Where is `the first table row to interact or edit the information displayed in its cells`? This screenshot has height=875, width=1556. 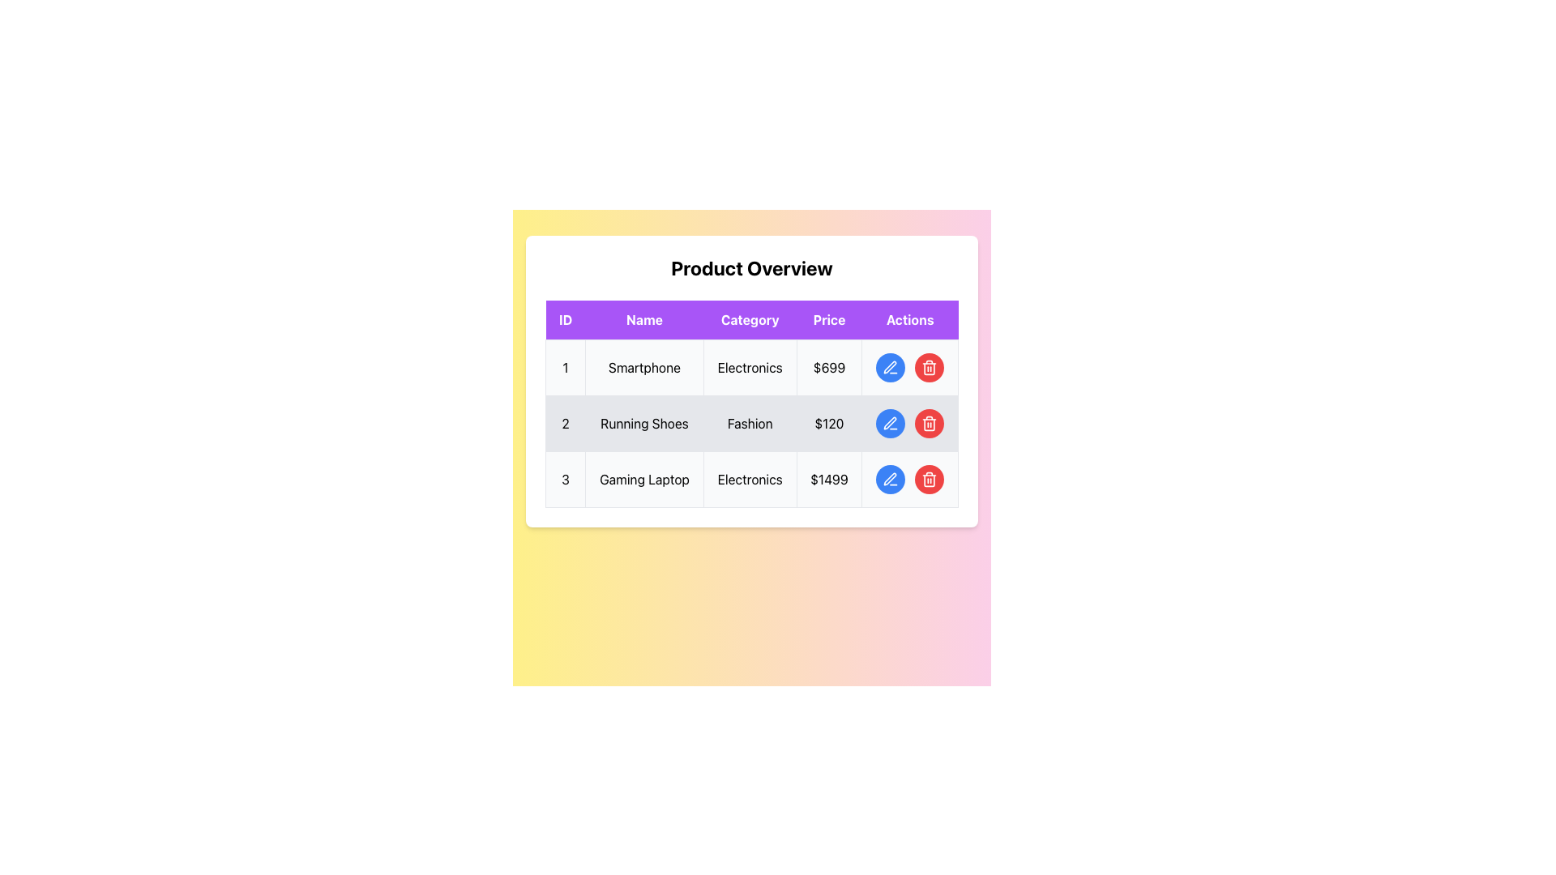
the first table row to interact or edit the information displayed in its cells is located at coordinates (750, 368).